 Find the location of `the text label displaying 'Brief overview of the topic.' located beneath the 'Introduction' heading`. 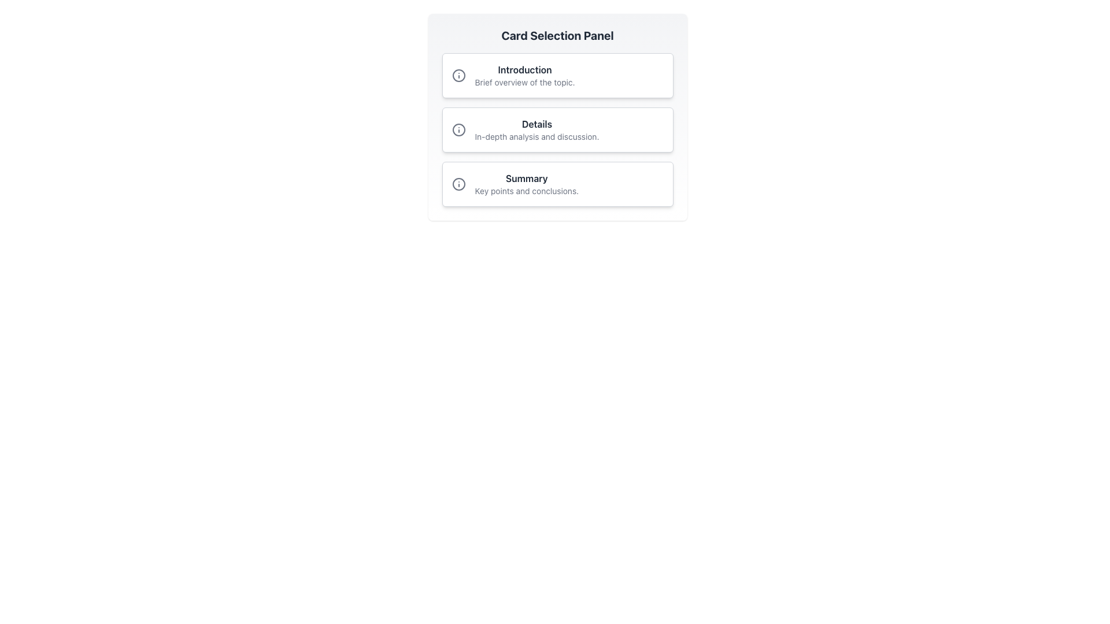

the text label displaying 'Brief overview of the topic.' located beneath the 'Introduction' heading is located at coordinates (524, 81).